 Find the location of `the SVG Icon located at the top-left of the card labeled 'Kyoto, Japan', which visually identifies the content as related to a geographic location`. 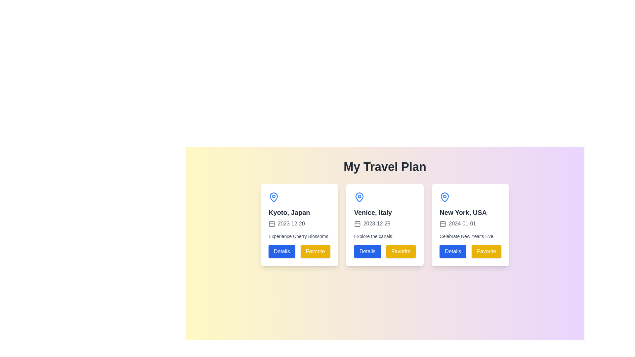

the SVG Icon located at the top-left of the card labeled 'Kyoto, Japan', which visually identifies the content as related to a geographic location is located at coordinates (274, 197).